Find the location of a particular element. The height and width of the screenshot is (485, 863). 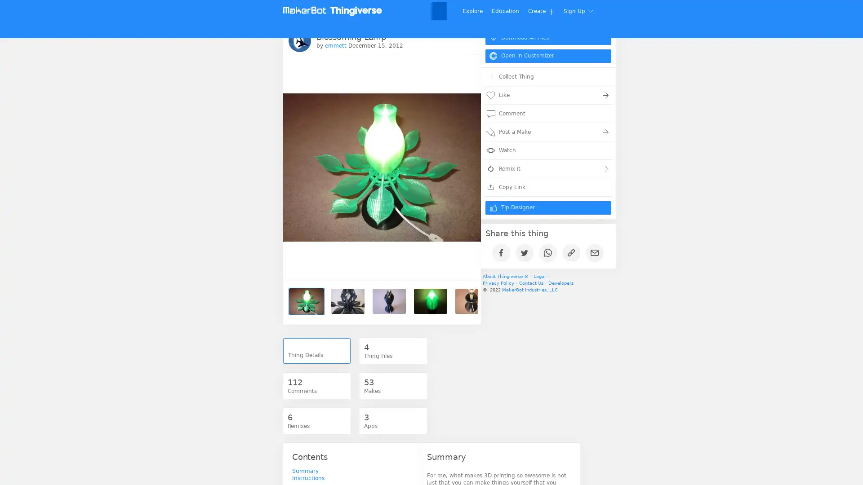

email is located at coordinates (597, 251).